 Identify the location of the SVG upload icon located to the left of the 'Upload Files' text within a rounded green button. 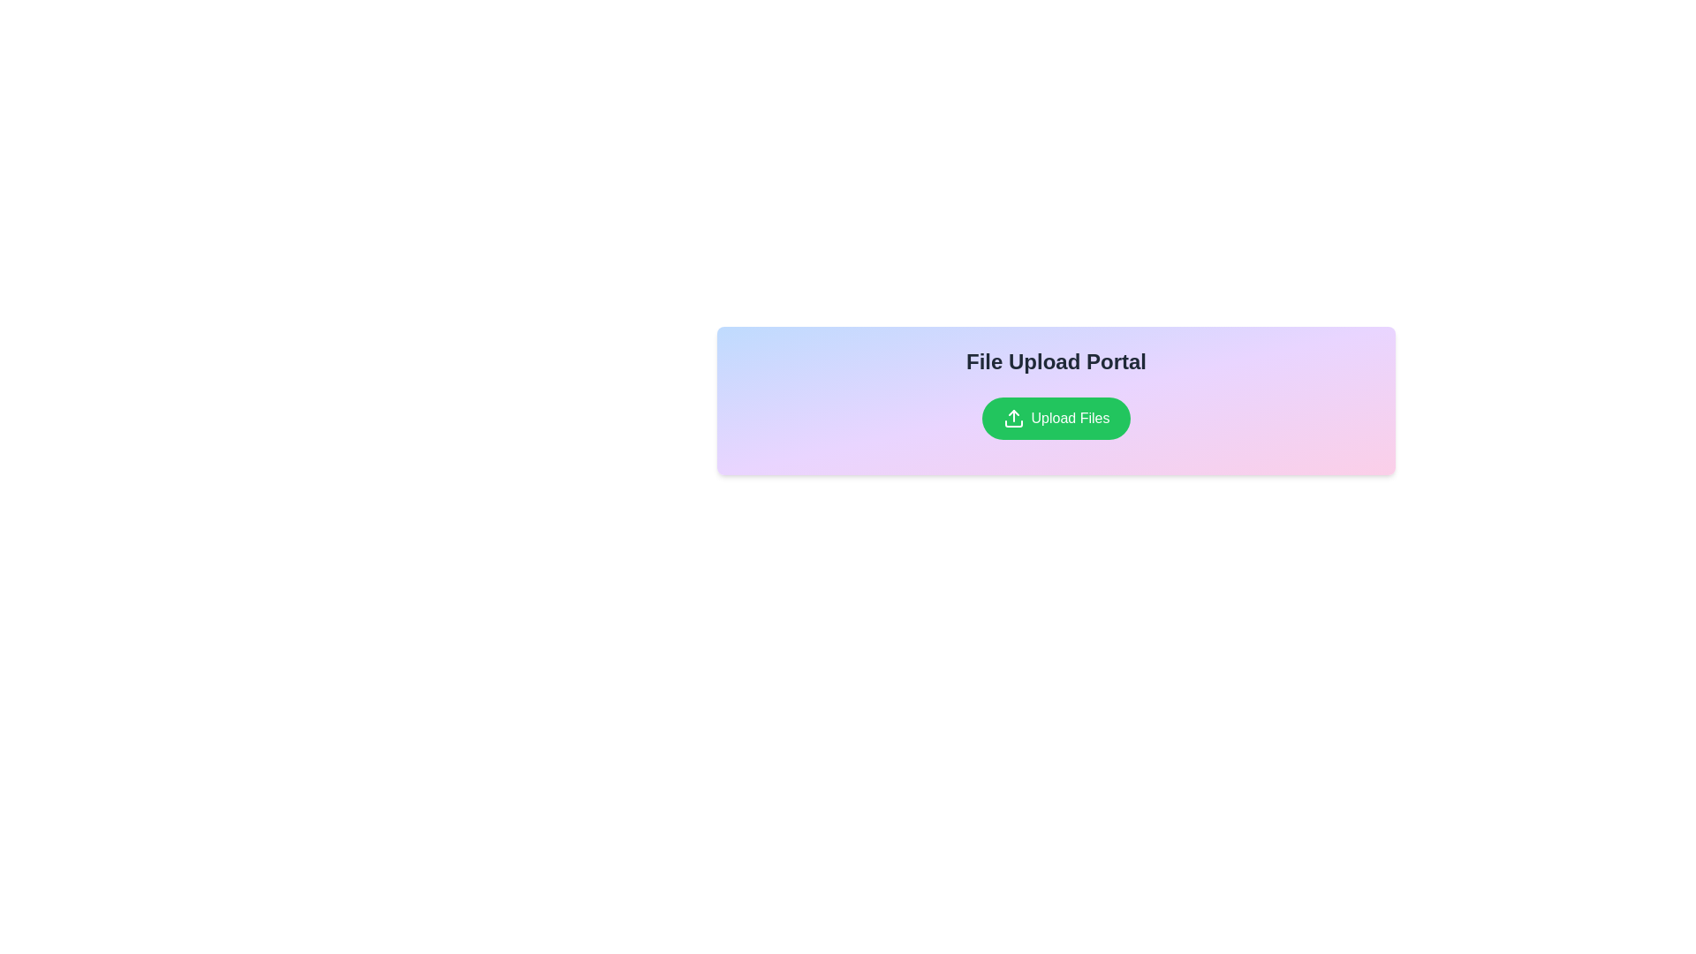
(1013, 419).